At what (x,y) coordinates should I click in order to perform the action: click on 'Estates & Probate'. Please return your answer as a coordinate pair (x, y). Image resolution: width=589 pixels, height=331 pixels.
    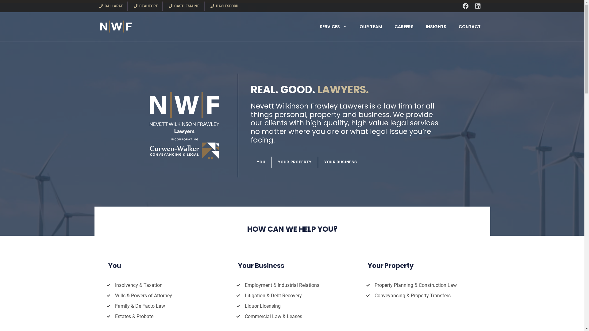
    Looking at the image, I should click on (134, 316).